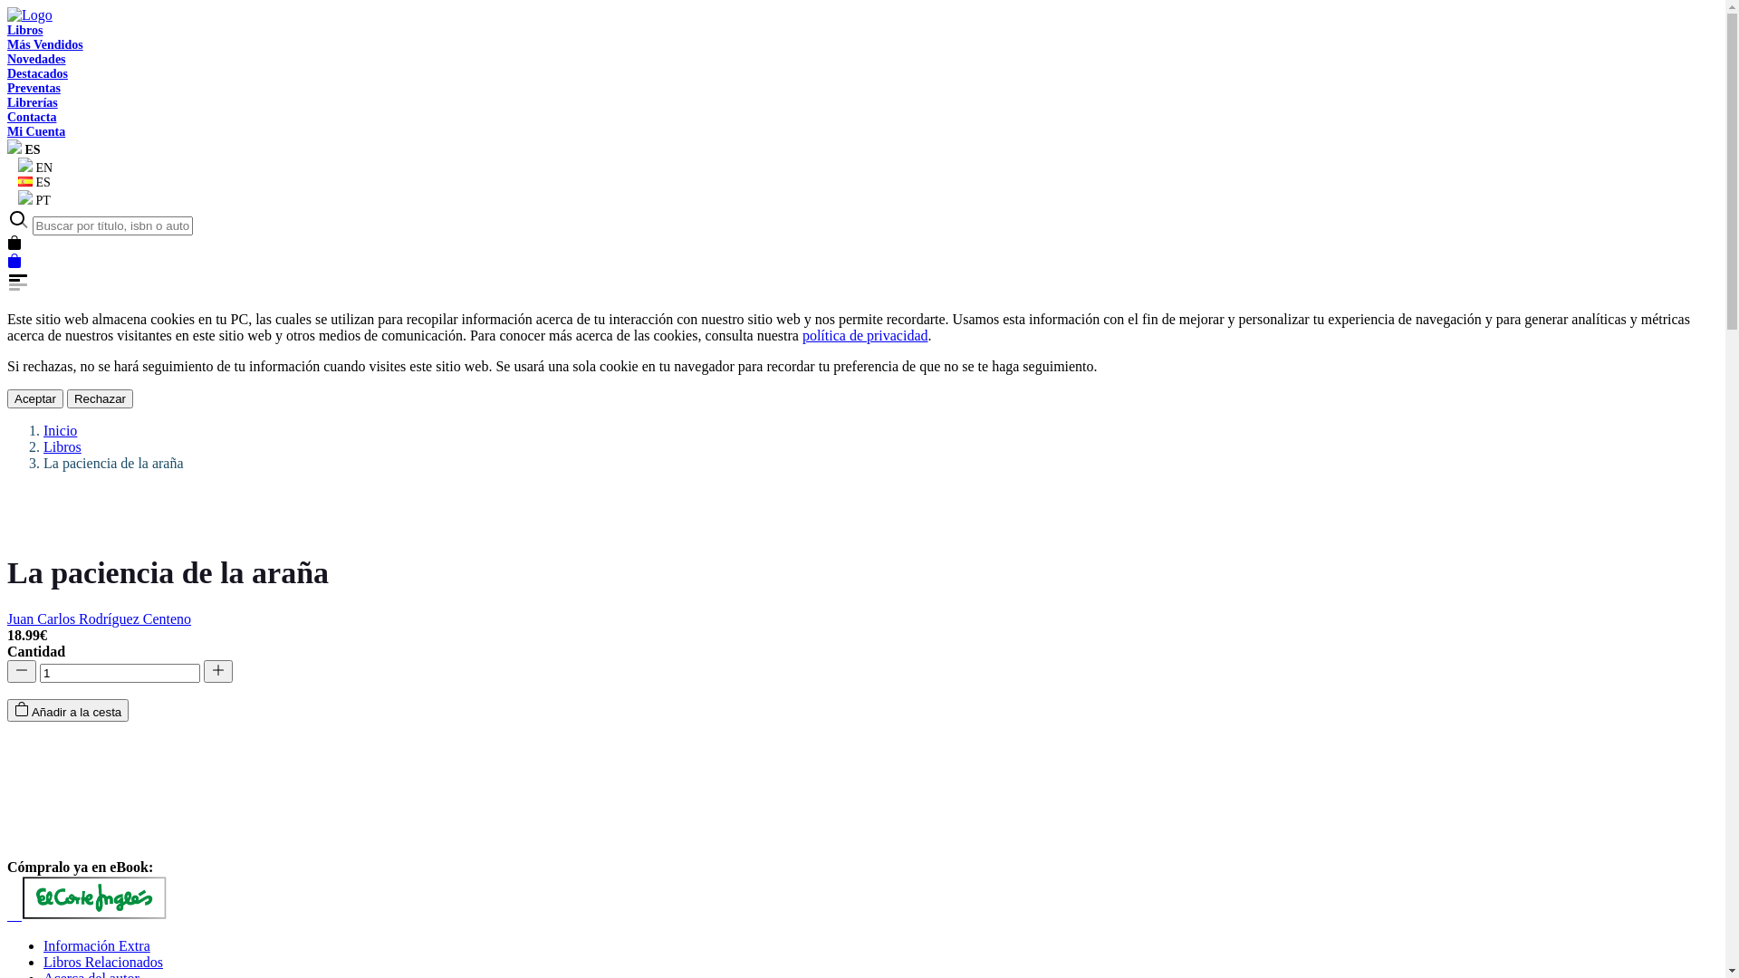  I want to click on 'Aceptar', so click(7, 398).